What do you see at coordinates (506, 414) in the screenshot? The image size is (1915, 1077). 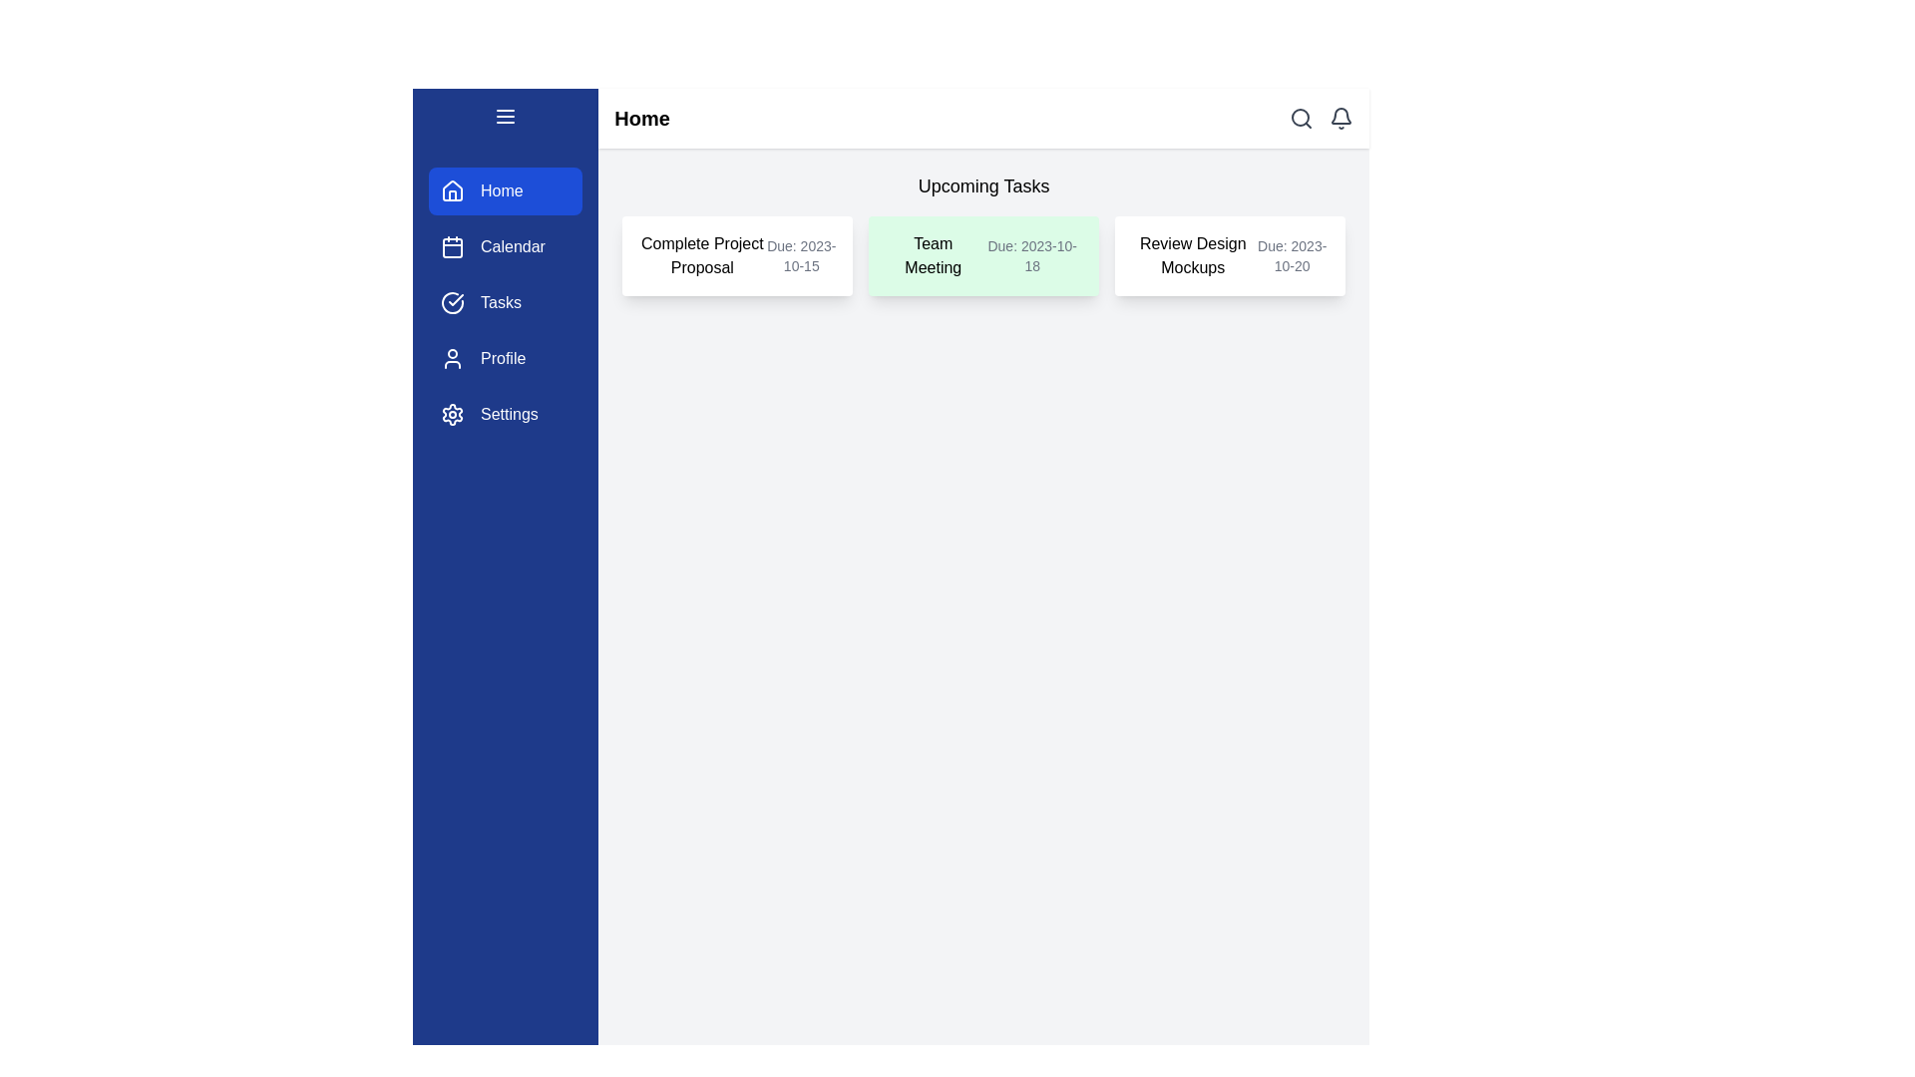 I see `the 'Settings' button in the vertical navigation menu, which is the fifth item and has a gear icon and blue background` at bounding box center [506, 414].